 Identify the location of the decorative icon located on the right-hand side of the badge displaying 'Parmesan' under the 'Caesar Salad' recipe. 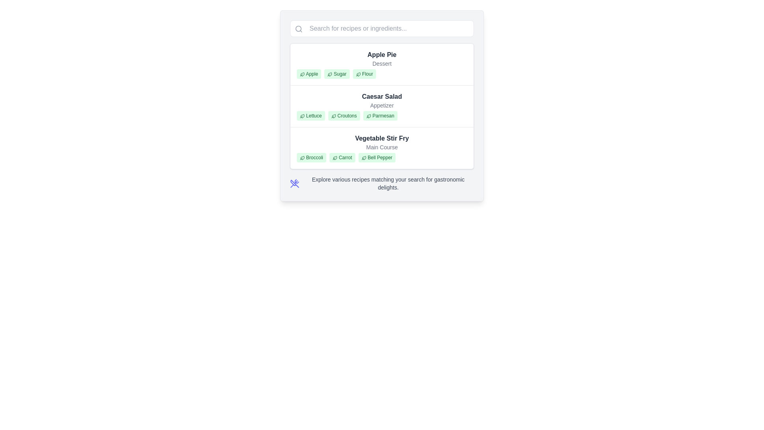
(368, 116).